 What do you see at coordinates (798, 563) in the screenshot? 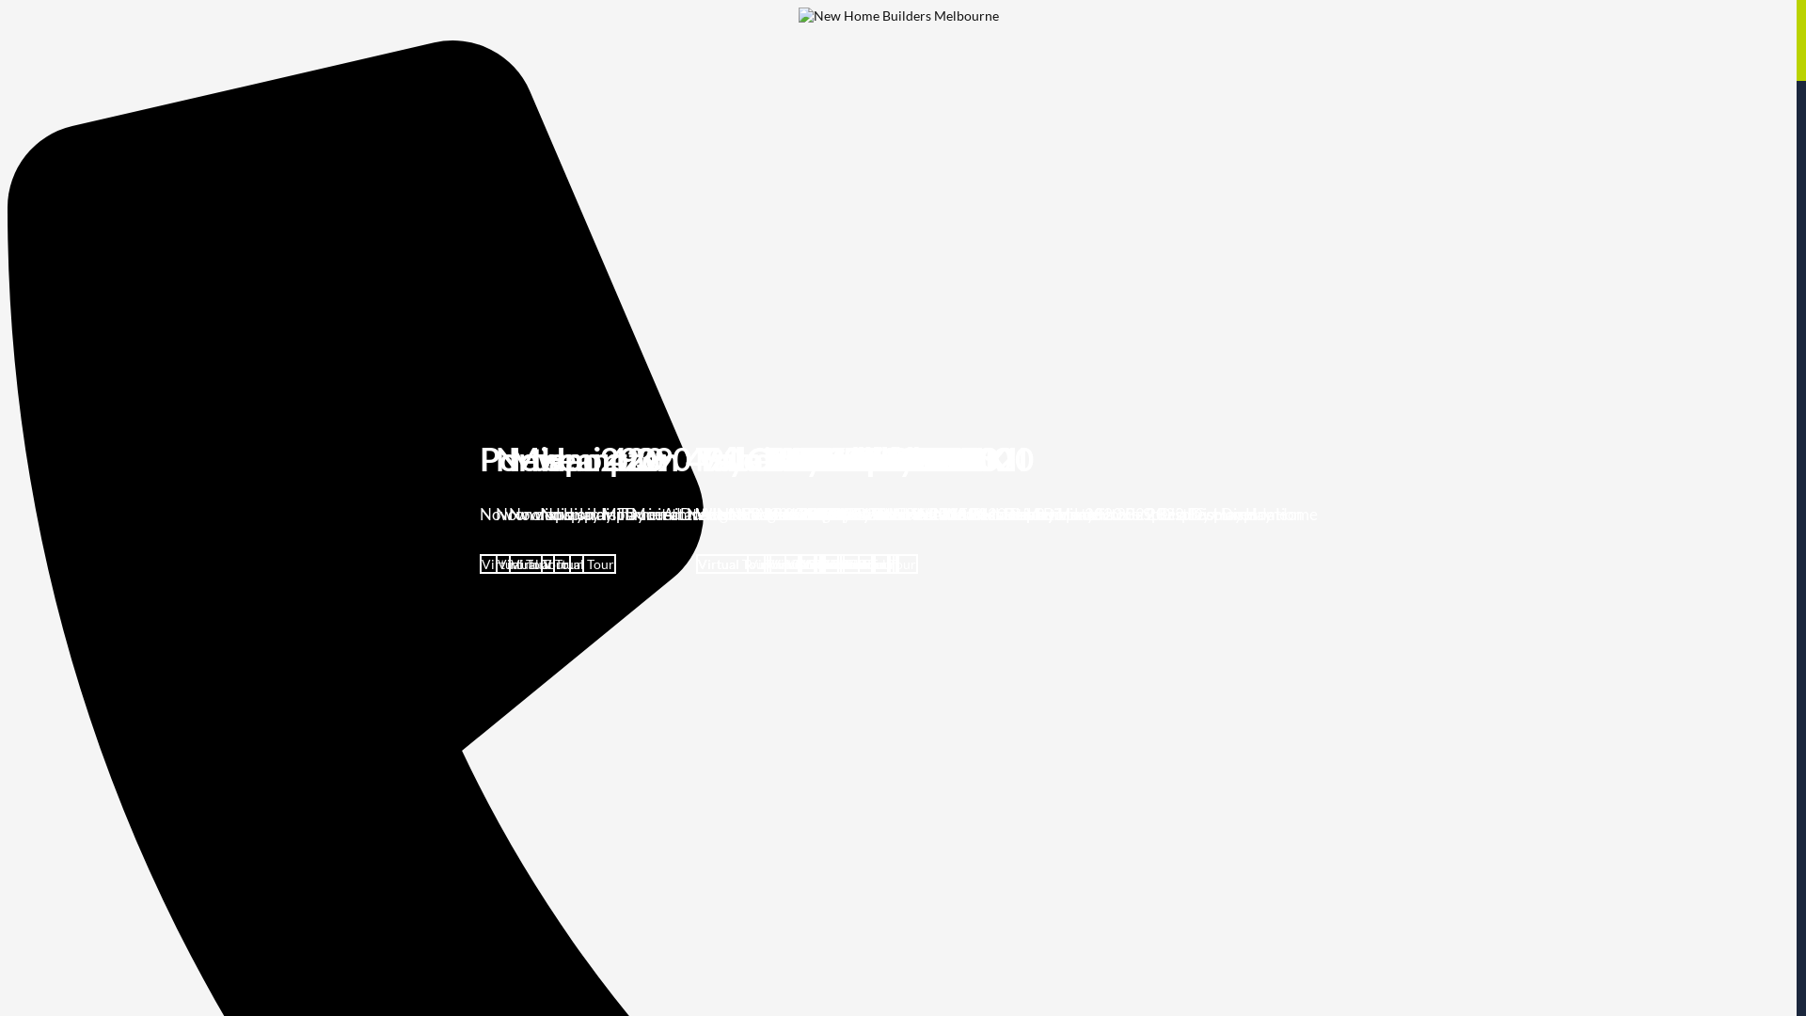
I see `'Virtual Tour'` at bounding box center [798, 563].